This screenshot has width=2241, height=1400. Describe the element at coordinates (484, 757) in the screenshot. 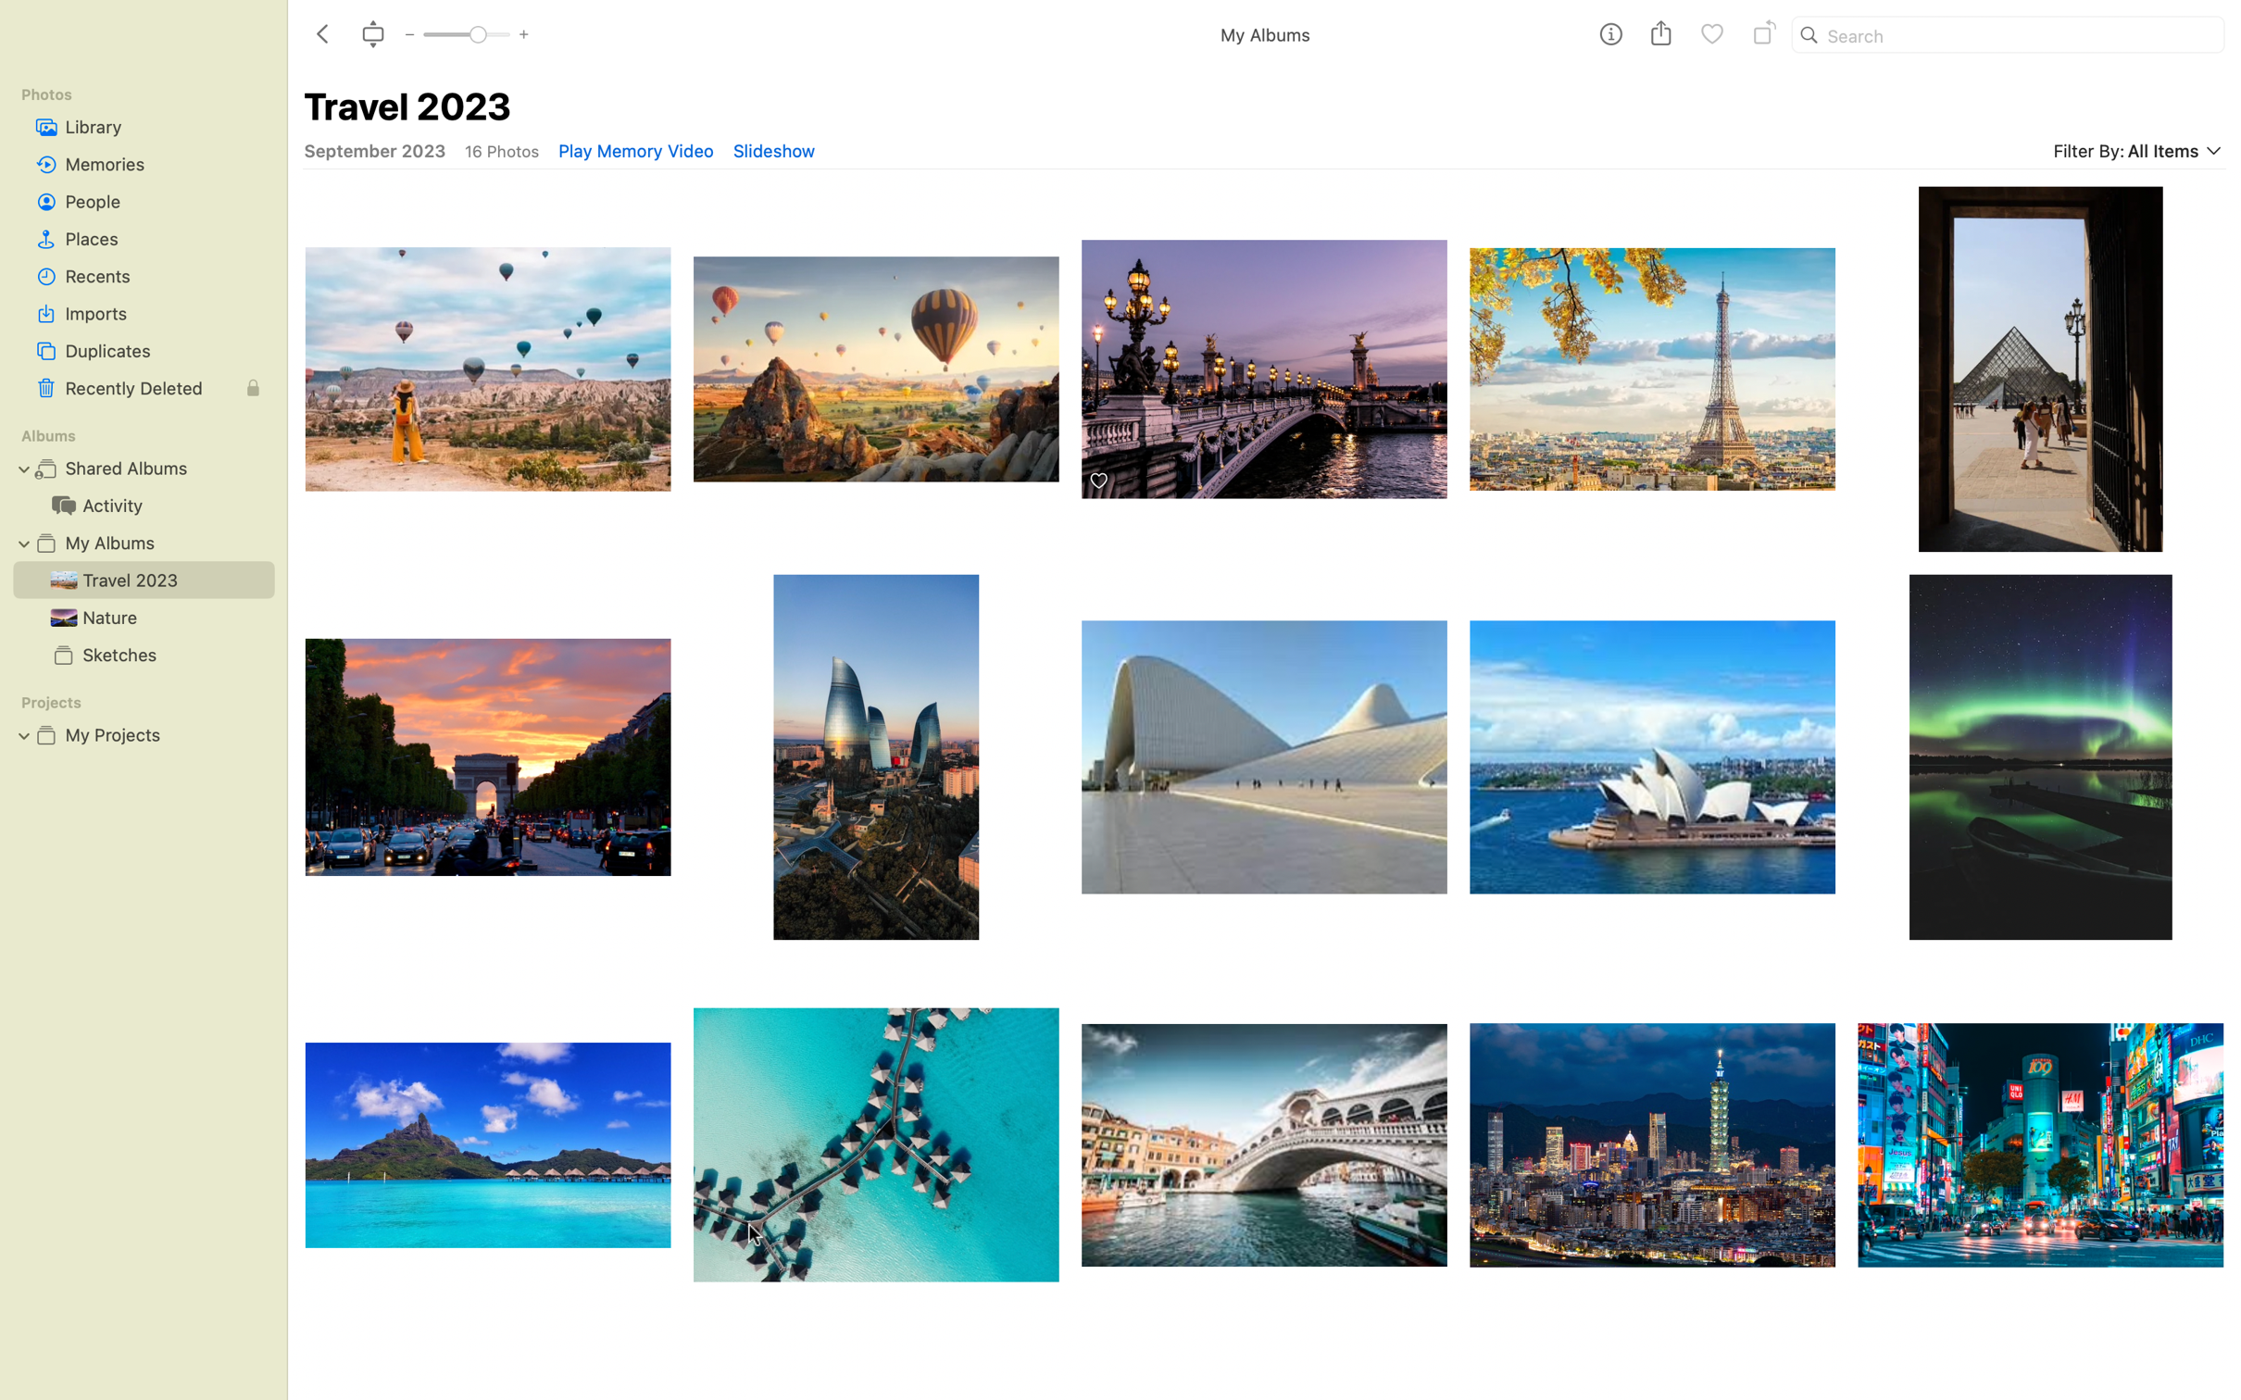

I see `image of arc de triomphe` at that location.